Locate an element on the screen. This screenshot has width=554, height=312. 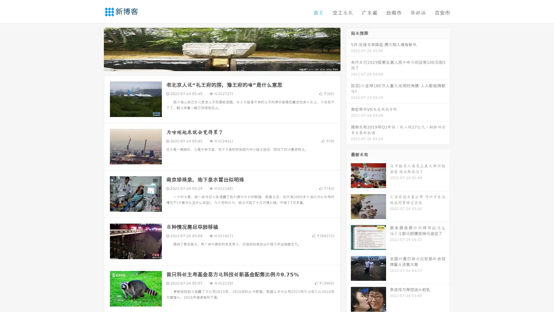
Go to slide 1 is located at coordinates (216, 65).